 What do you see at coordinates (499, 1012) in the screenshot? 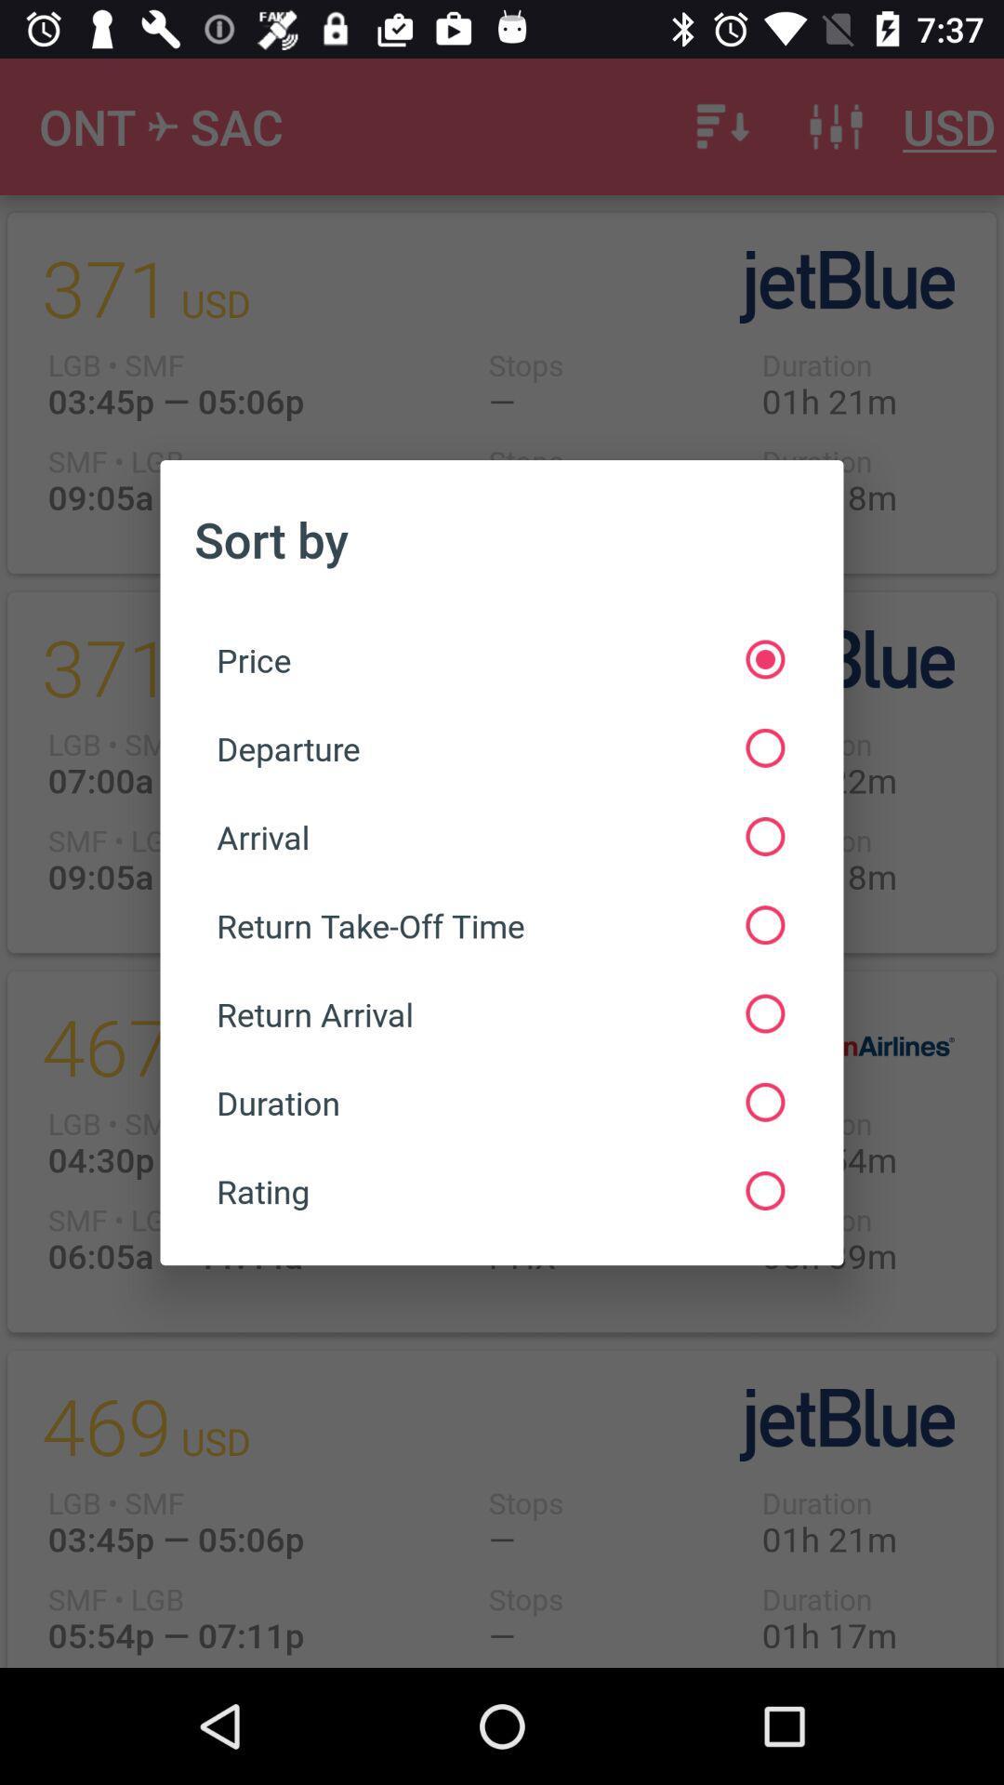
I see `the icon below the return take off icon` at bounding box center [499, 1012].